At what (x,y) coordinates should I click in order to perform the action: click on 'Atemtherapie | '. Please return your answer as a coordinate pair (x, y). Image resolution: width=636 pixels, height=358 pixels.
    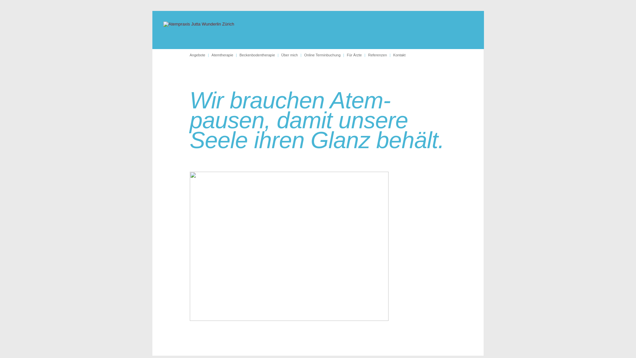
    Looking at the image, I should click on (226, 54).